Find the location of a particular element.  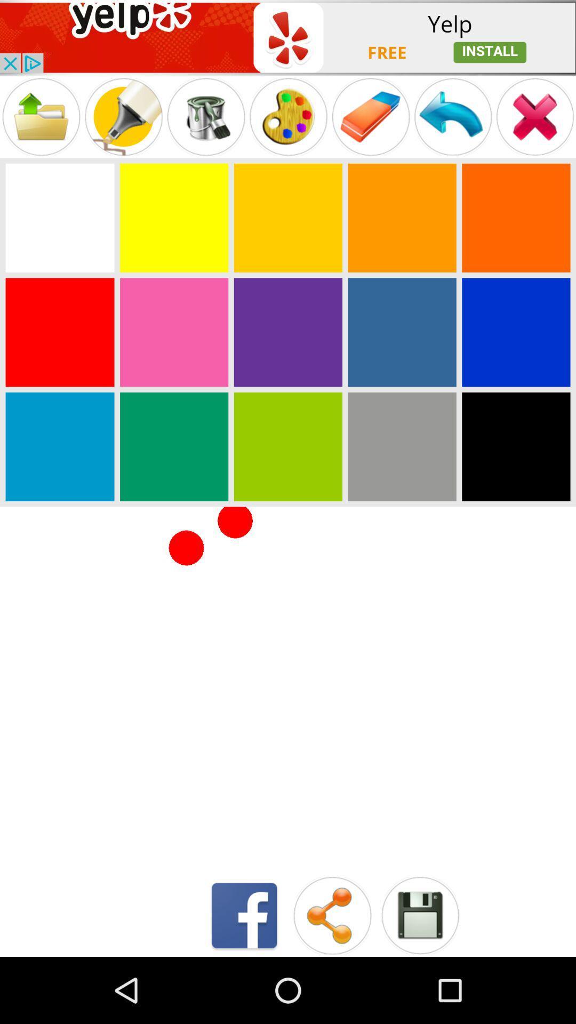

yellow is located at coordinates (173, 217).